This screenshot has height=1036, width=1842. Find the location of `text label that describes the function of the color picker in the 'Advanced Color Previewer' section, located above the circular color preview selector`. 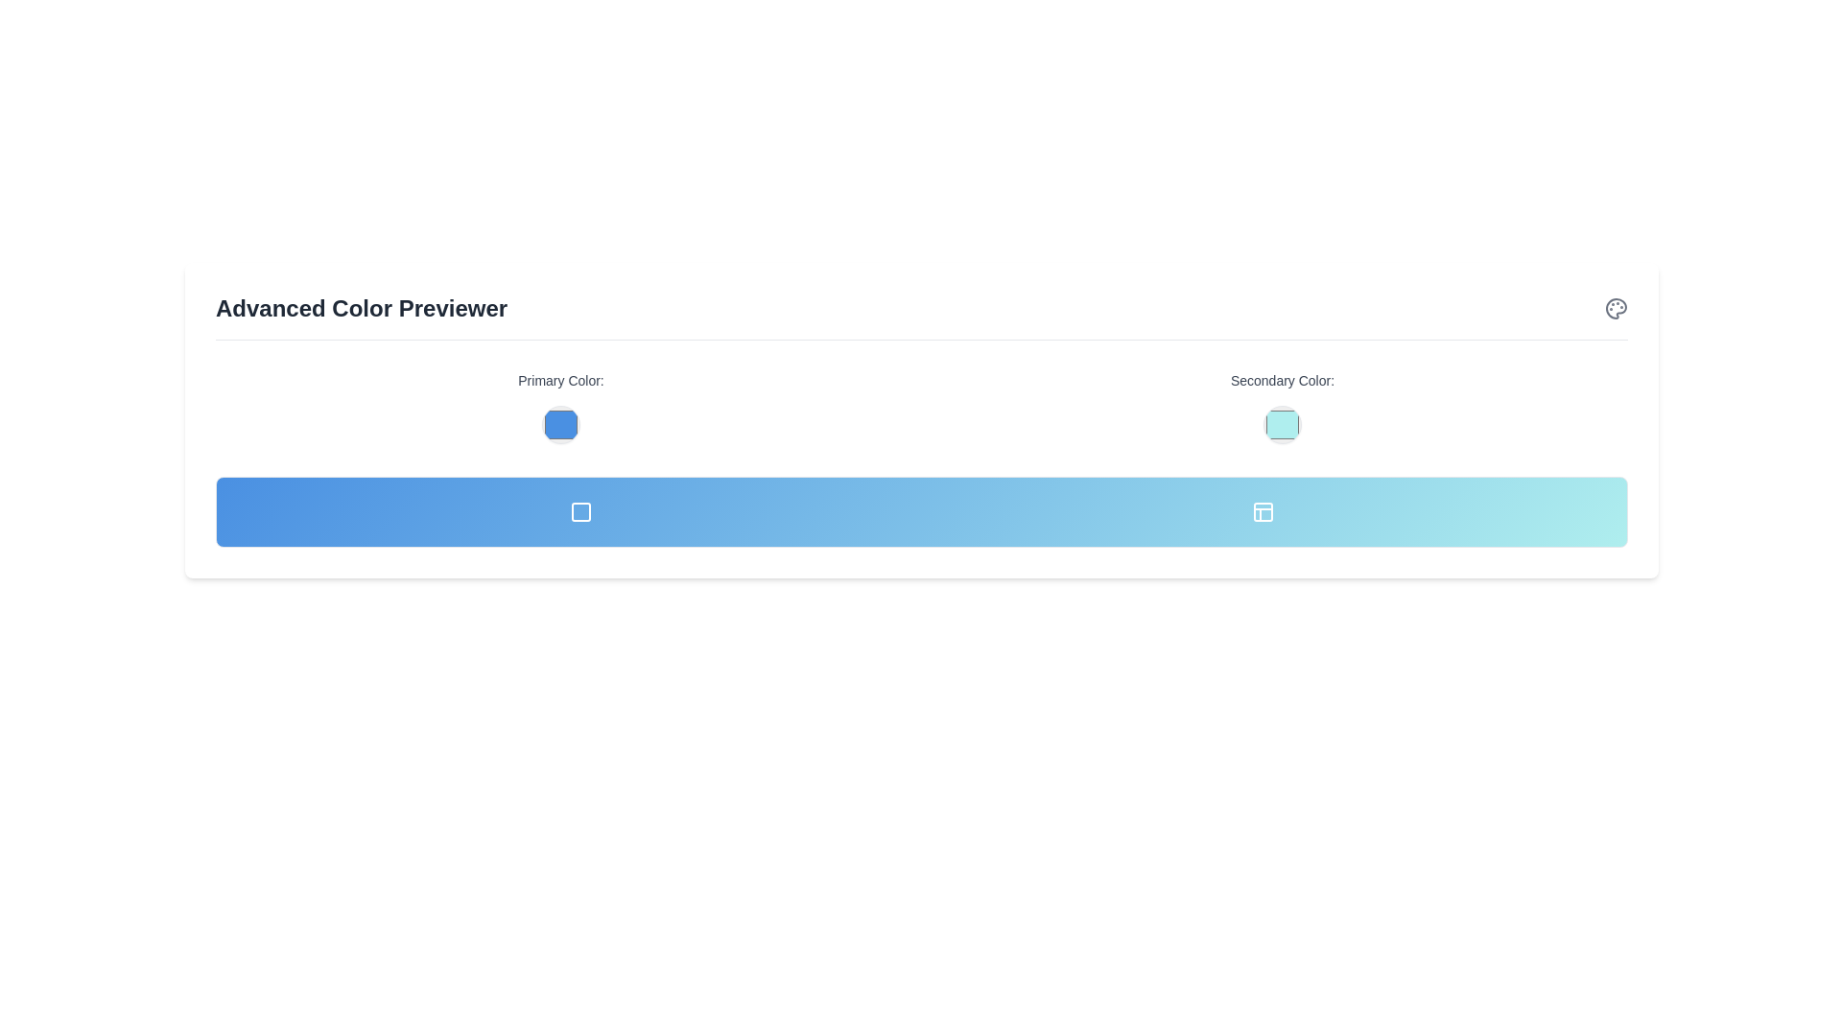

text label that describes the function of the color picker in the 'Advanced Color Previewer' section, located above the circular color preview selector is located at coordinates (560, 381).